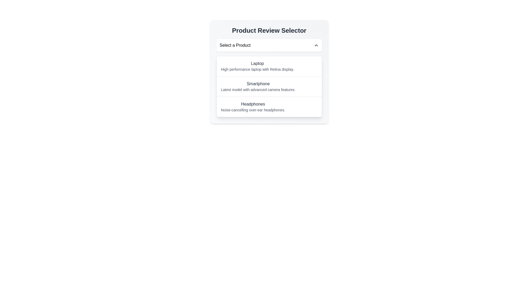  Describe the element at coordinates (258, 86) in the screenshot. I see `the second item in the dropdown menu that represents a Smartphone` at that location.